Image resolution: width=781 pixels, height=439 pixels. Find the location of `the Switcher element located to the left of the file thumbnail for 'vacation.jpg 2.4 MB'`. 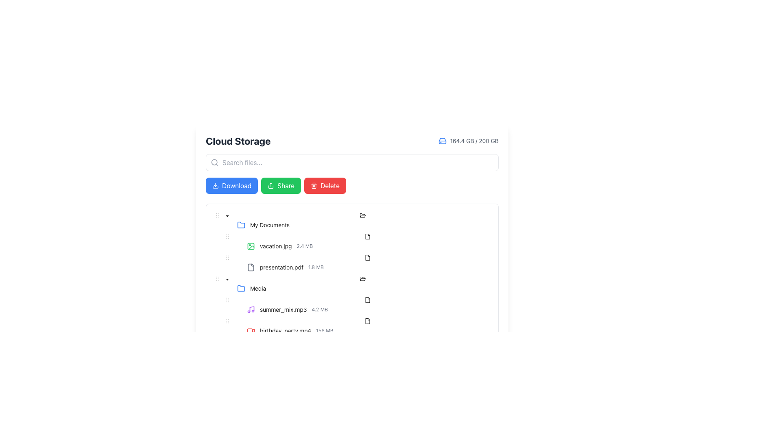

the Switcher element located to the left of the file thumbnail for 'vacation.jpg 2.4 MB' is located at coordinates (236, 241).